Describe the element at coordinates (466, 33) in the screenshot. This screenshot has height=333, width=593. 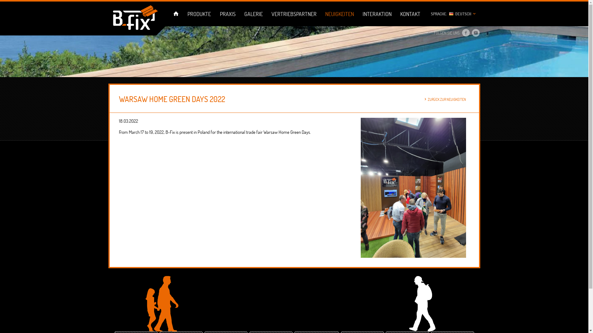
I see `'Facebook'` at that location.